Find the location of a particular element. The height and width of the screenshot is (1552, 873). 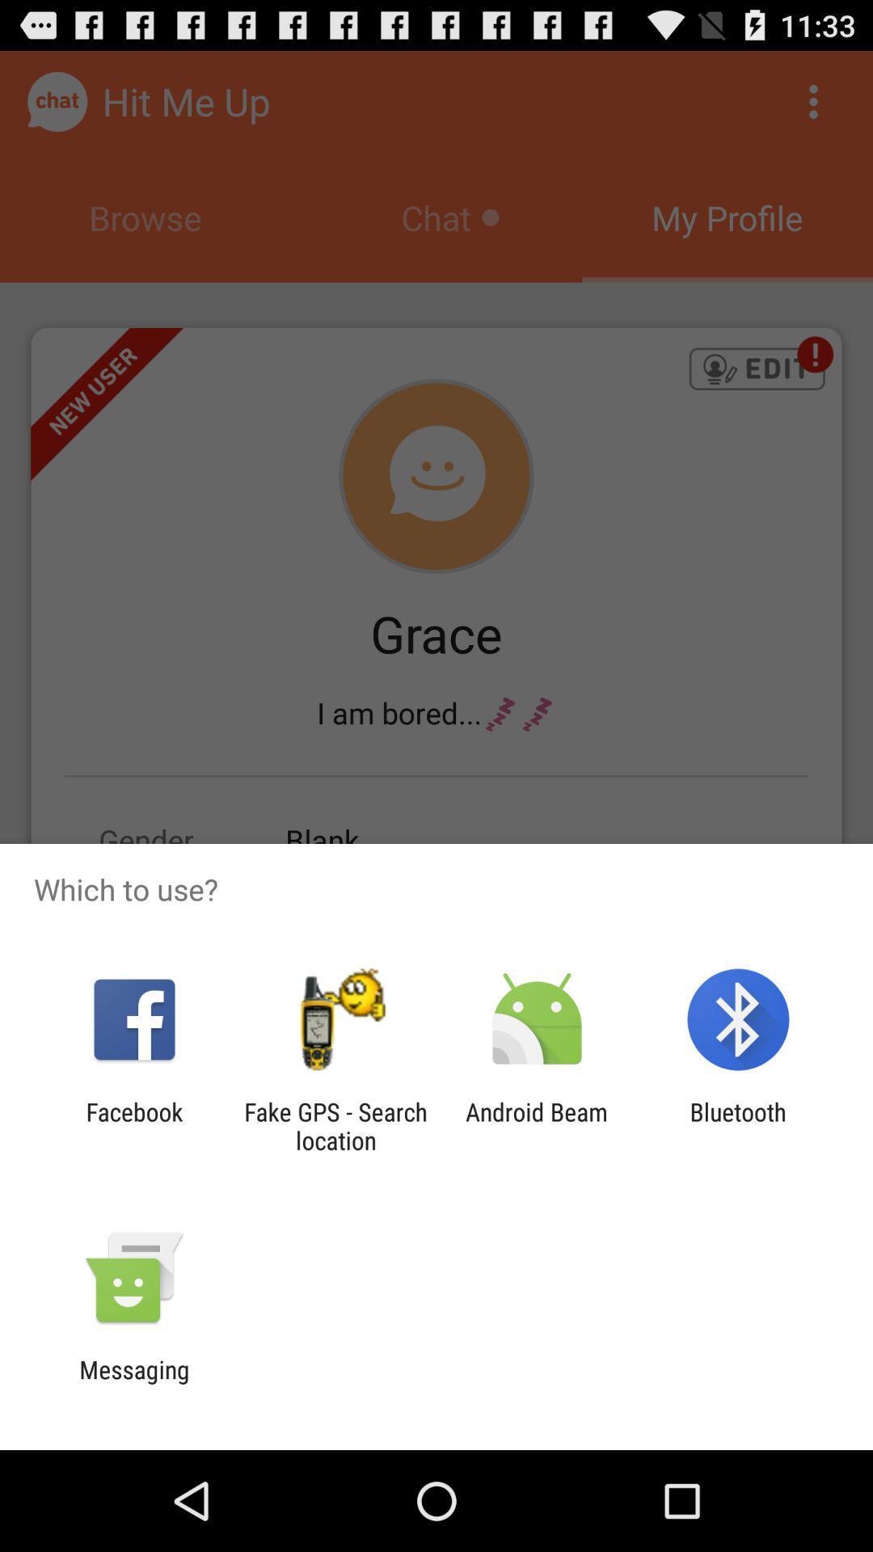

the bluetooth icon is located at coordinates (738, 1125).